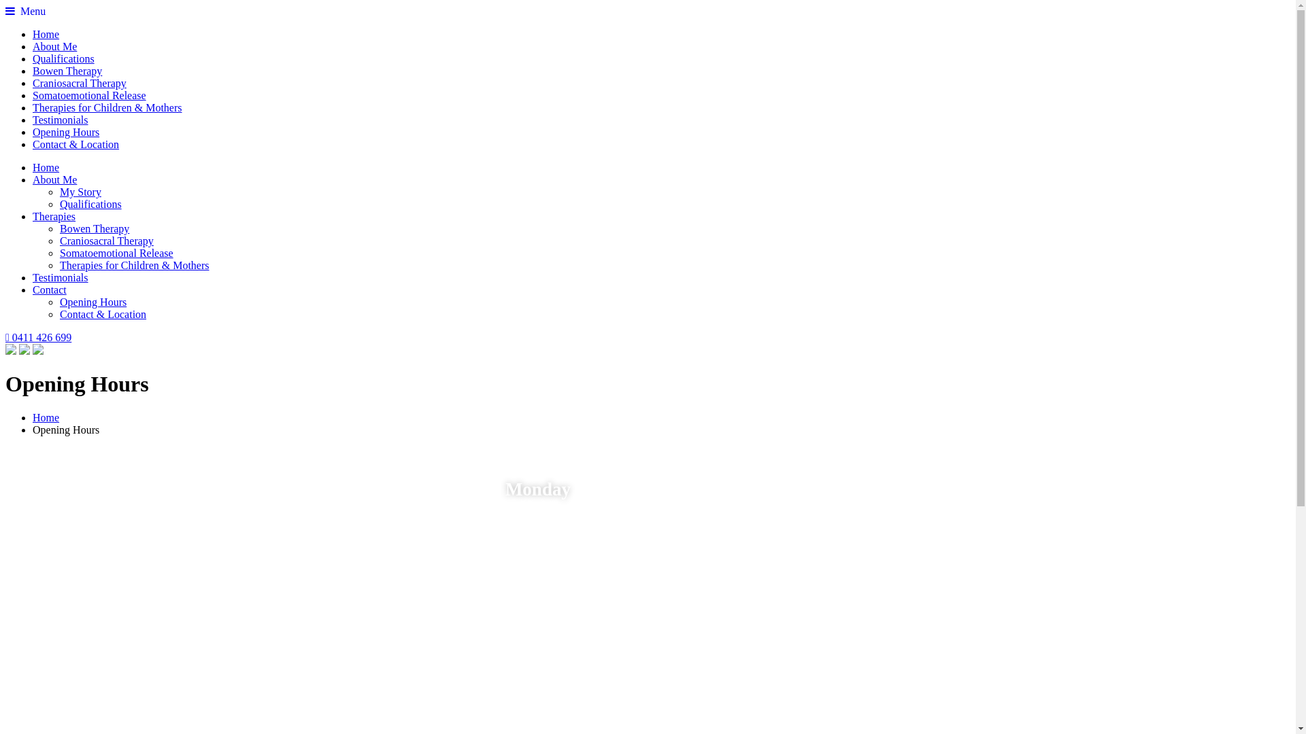 This screenshot has width=1306, height=734. Describe the element at coordinates (5, 336) in the screenshot. I see `'0411 426 699'` at that location.